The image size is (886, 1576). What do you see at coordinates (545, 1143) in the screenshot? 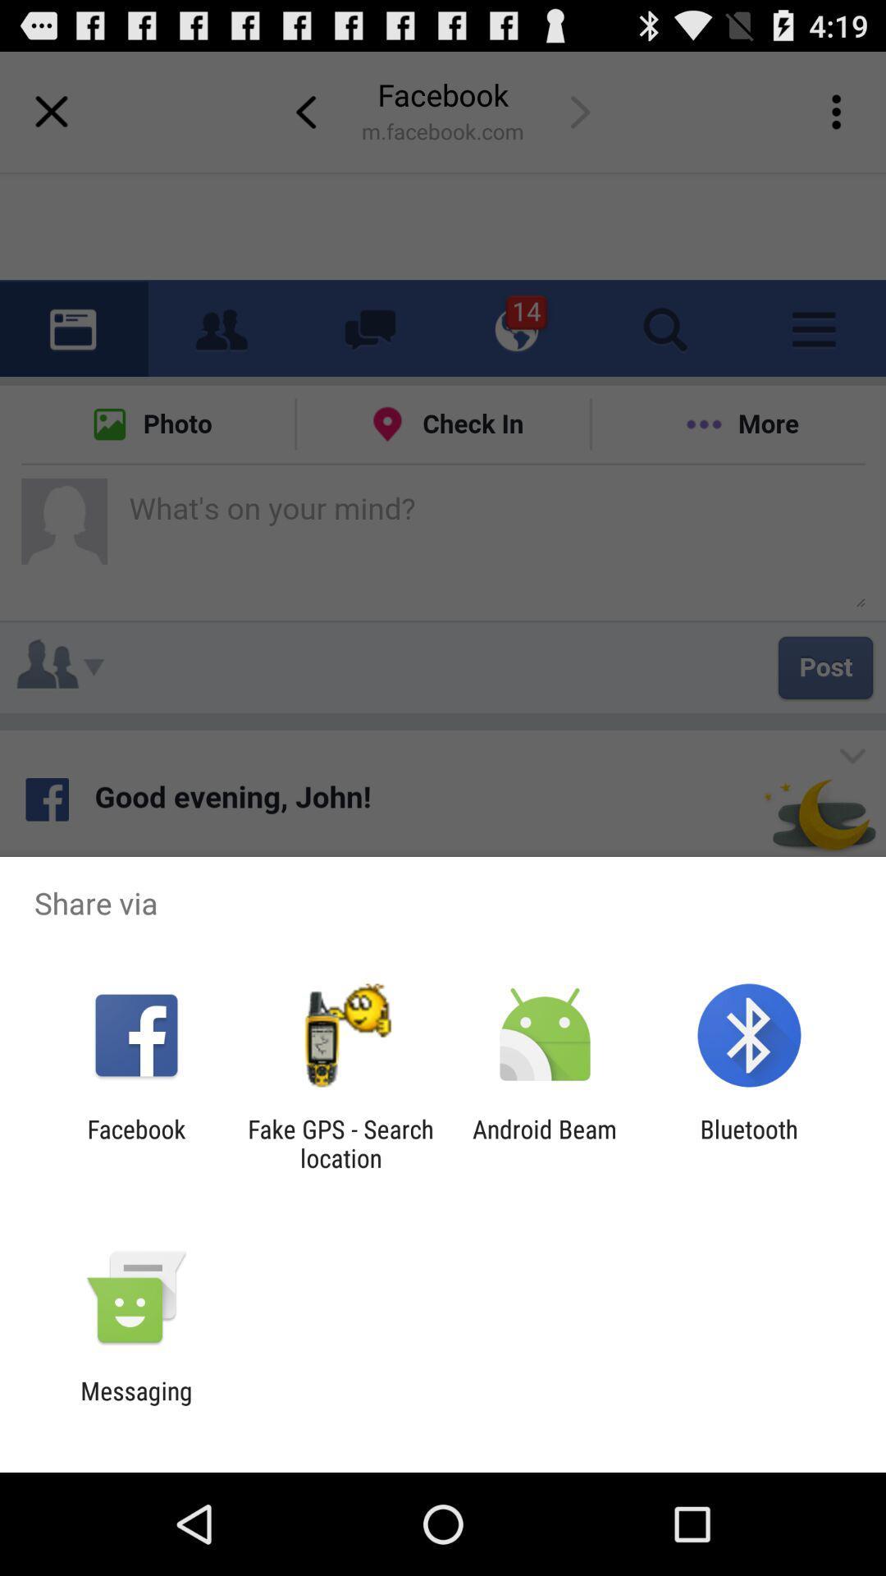
I see `the icon next to bluetooth` at bounding box center [545, 1143].